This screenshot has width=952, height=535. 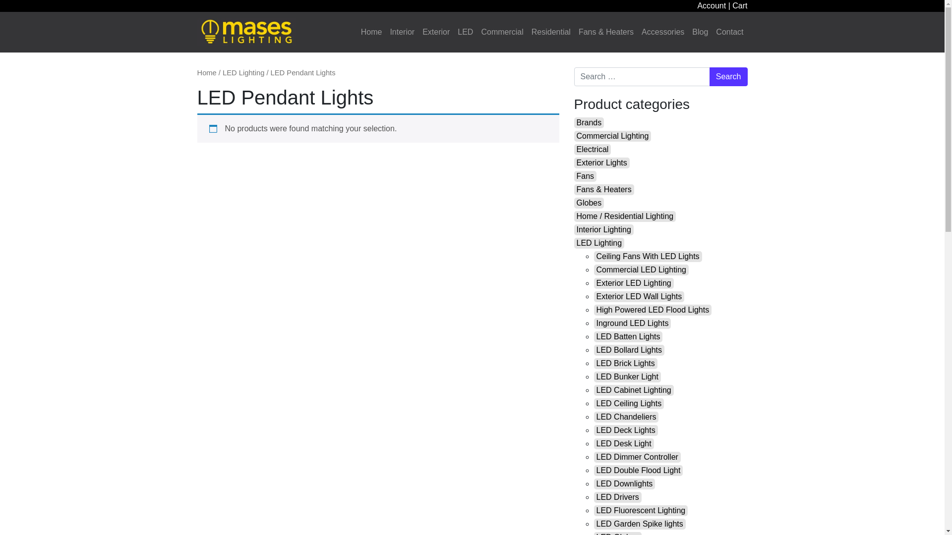 I want to click on 'LED', so click(x=465, y=32).